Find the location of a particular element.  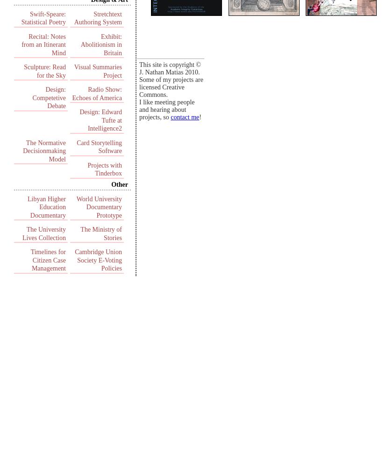

'Radio Show: Echoes of America' is located at coordinates (72, 93).